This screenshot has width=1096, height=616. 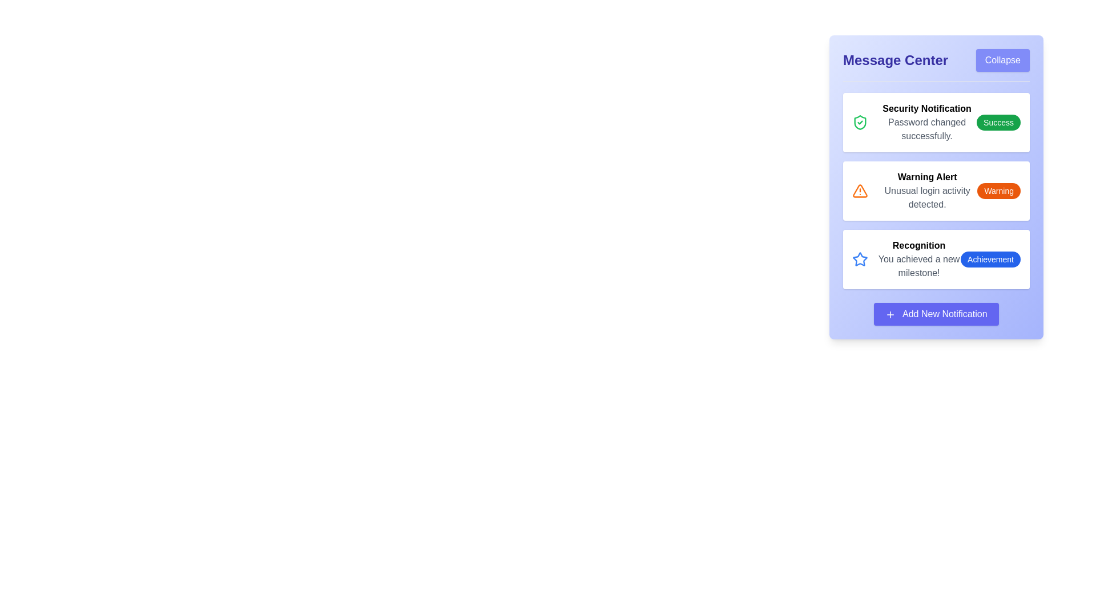 I want to click on the 'Add New Notification' button, which is a rectangular button with rounded corners, rich indigo background, and white text, located centrally at the bottom of the notification panel, so click(x=936, y=314).